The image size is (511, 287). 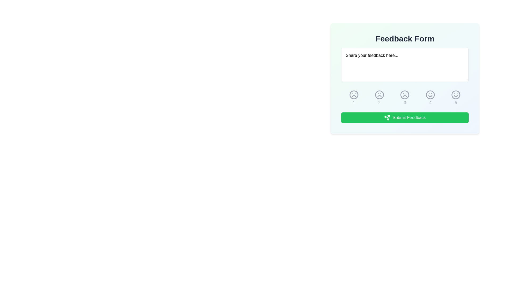 What do you see at coordinates (354, 98) in the screenshot?
I see `the Rating button, which is the first circular icon in a horizontal row for user feedback` at bounding box center [354, 98].